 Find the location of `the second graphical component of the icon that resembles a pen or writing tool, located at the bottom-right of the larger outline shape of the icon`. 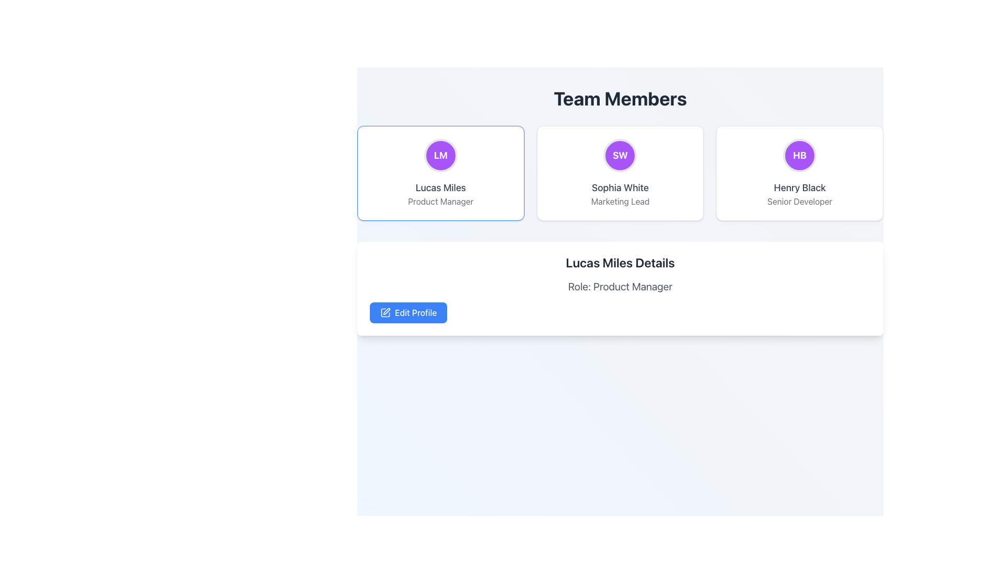

the second graphical component of the icon that resembles a pen or writing tool, located at the bottom-right of the larger outline shape of the icon is located at coordinates (386, 311).